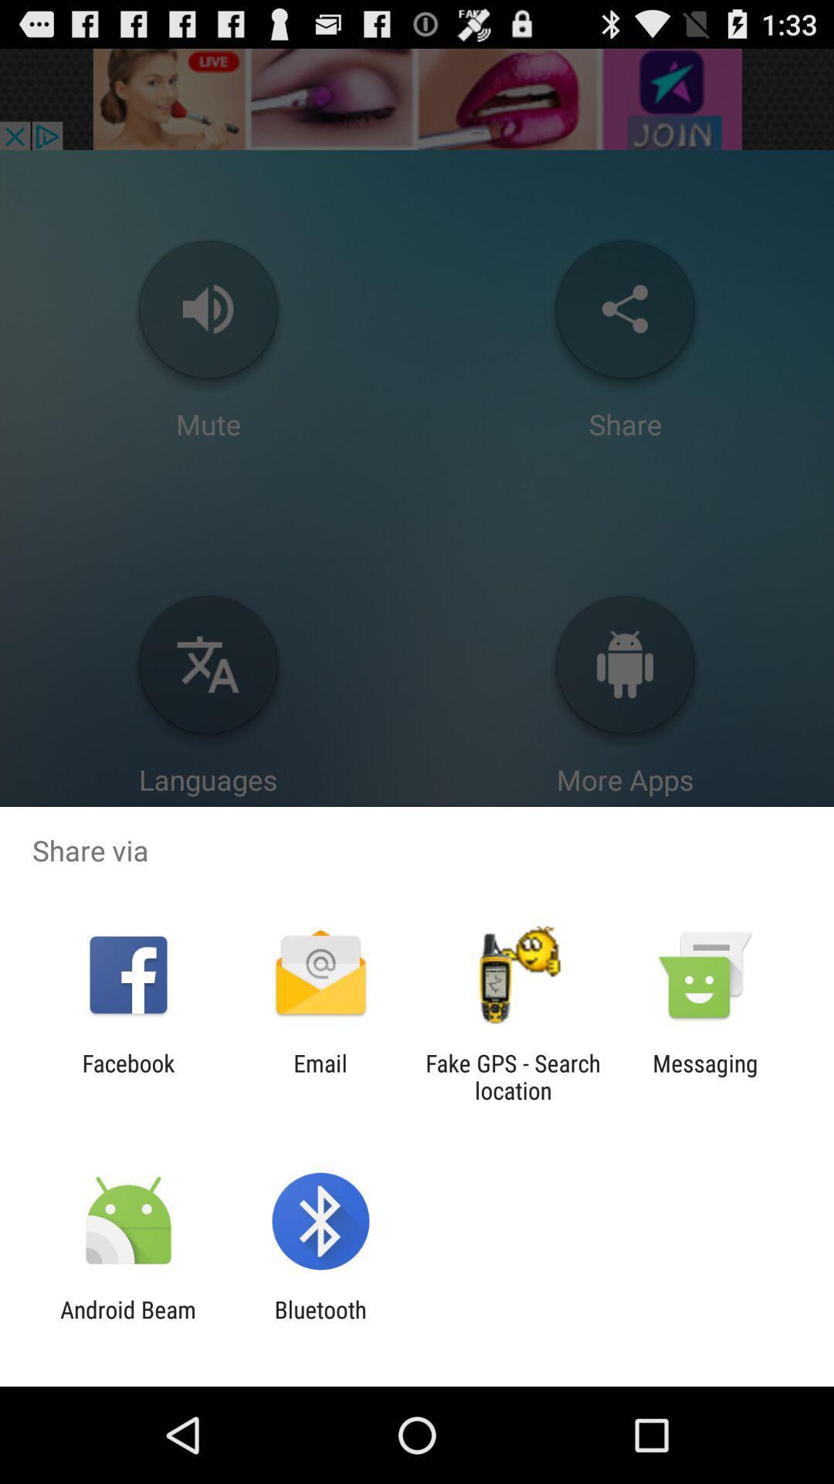 The image size is (834, 1484). I want to click on the icon to the left of the fake gps search icon, so click(320, 1076).